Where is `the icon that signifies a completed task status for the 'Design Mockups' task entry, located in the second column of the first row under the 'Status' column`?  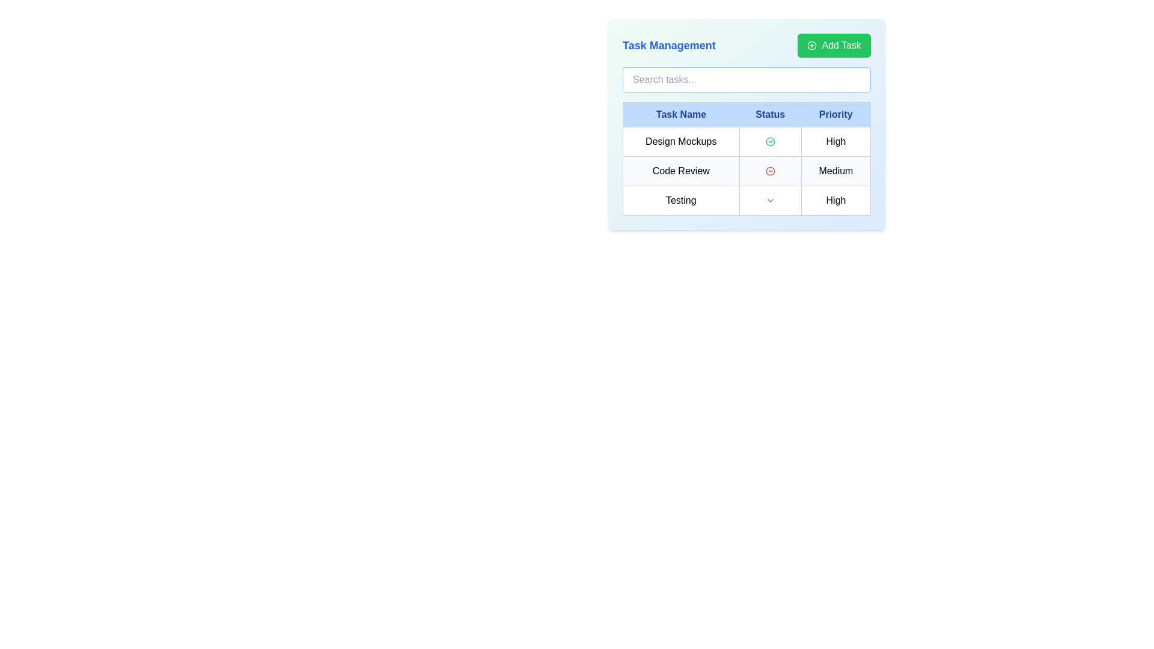
the icon that signifies a completed task status for the 'Design Mockups' task entry, located in the second column of the first row under the 'Status' column is located at coordinates (770, 141).